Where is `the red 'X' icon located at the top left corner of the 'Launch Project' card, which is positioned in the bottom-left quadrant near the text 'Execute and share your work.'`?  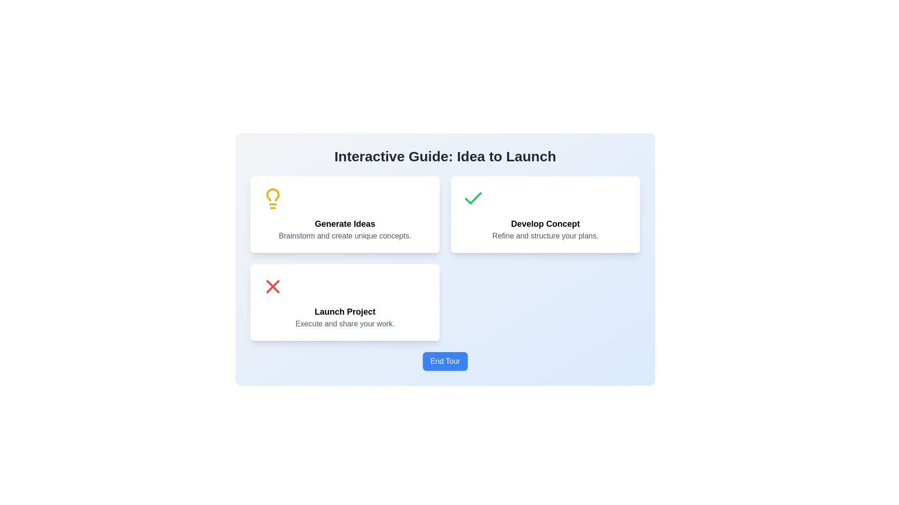
the red 'X' icon located at the top left corner of the 'Launch Project' card, which is positioned in the bottom-left quadrant near the text 'Execute and share your work.' is located at coordinates (272, 286).